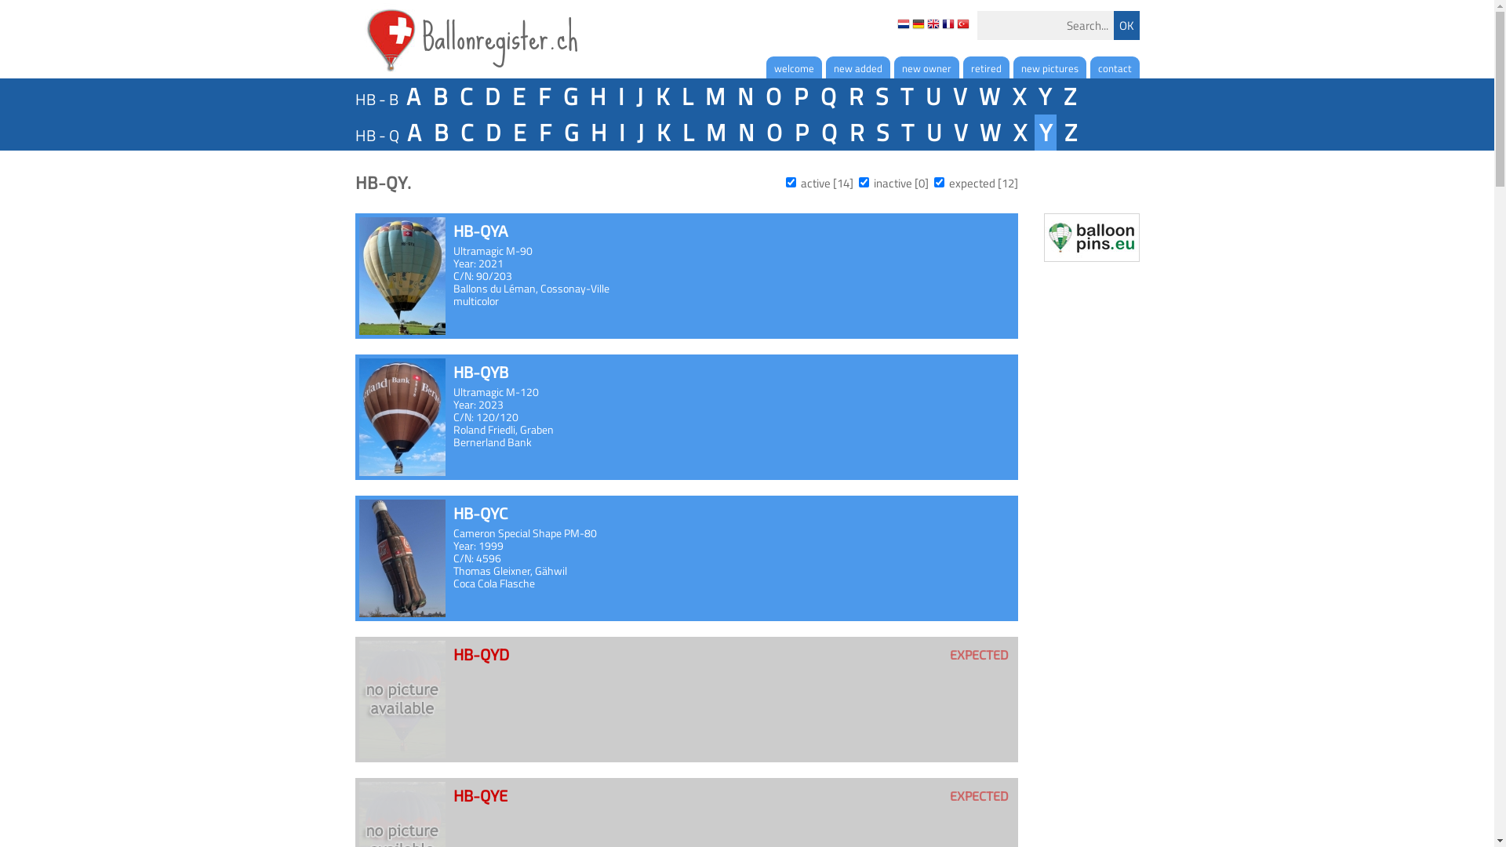 The image size is (1506, 847). Describe the element at coordinates (933, 96) in the screenshot. I see `'U'` at that location.